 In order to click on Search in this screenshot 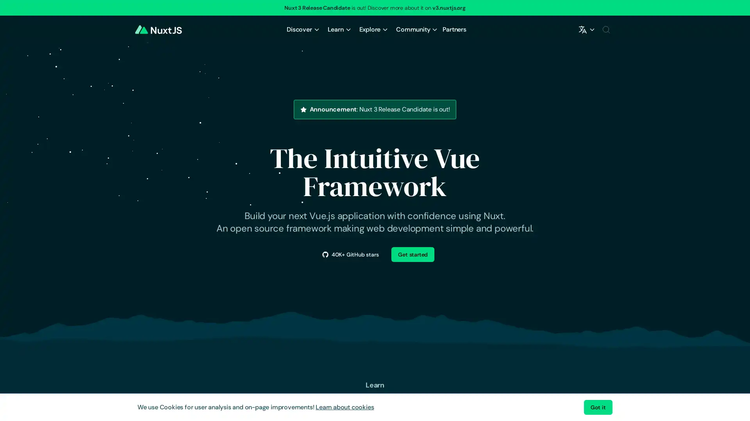, I will do `click(605, 29)`.